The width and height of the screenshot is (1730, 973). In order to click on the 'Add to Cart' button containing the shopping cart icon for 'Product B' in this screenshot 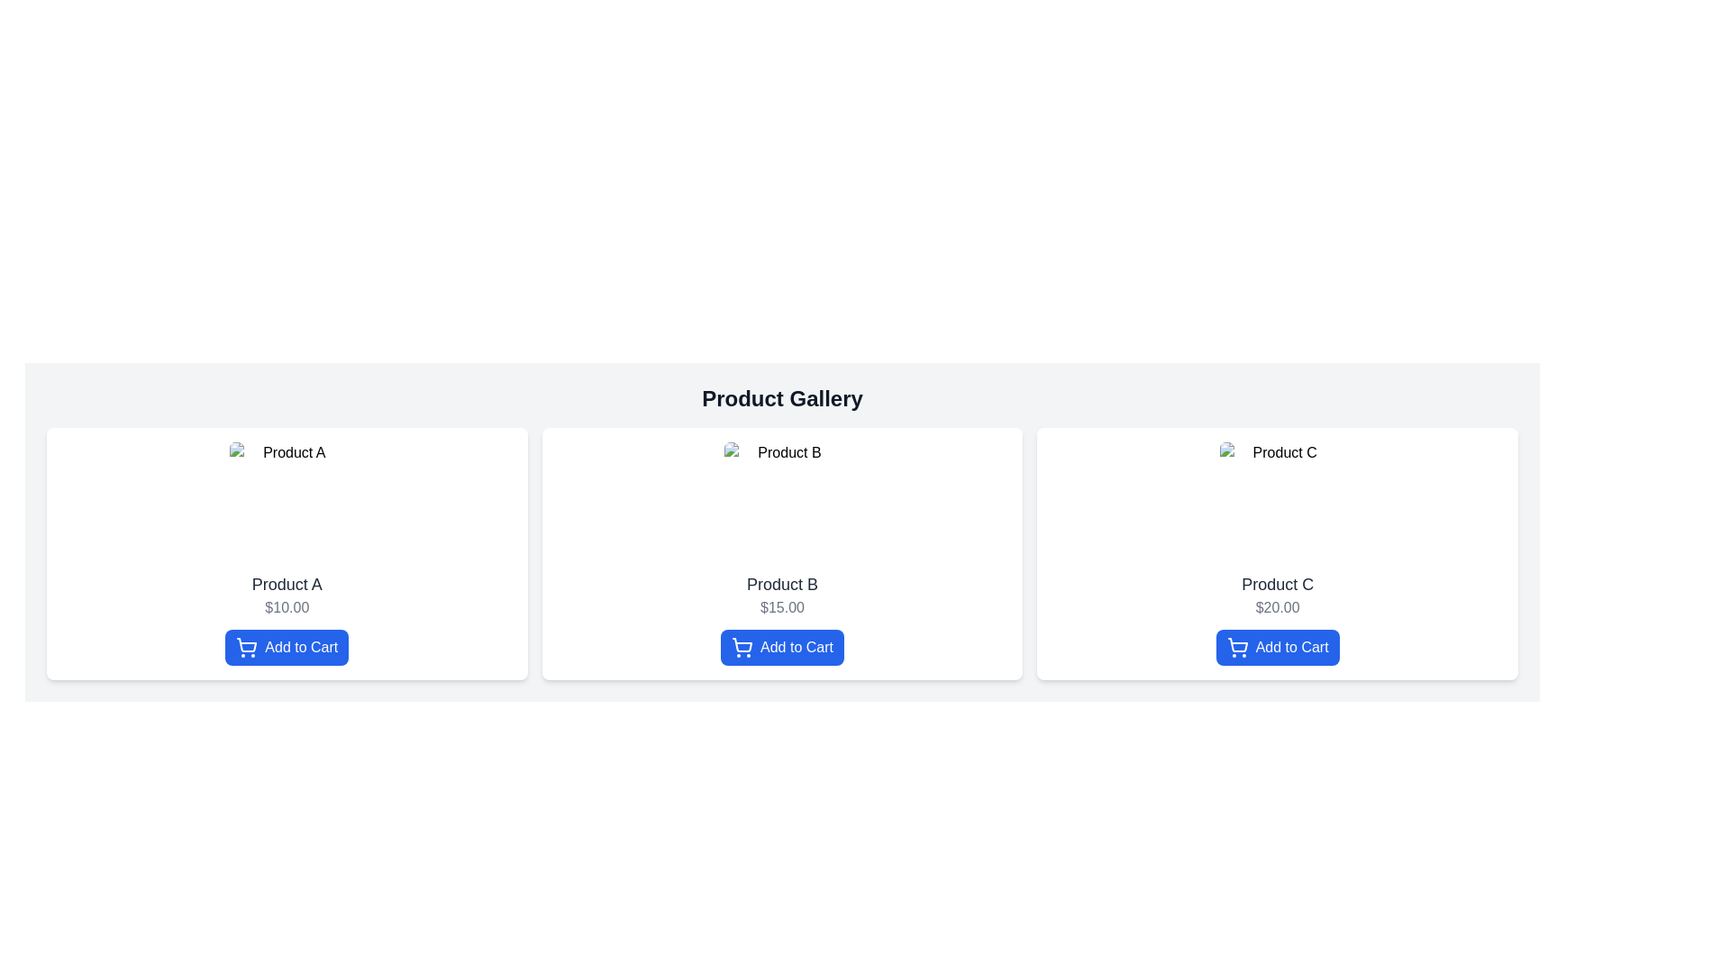, I will do `click(742, 644)`.